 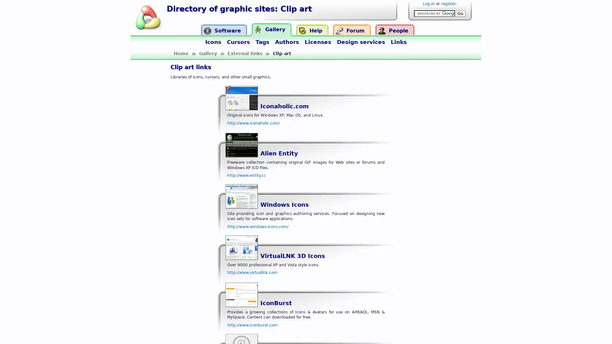 What do you see at coordinates (460, 13) in the screenshot?
I see `Go` at bounding box center [460, 13].